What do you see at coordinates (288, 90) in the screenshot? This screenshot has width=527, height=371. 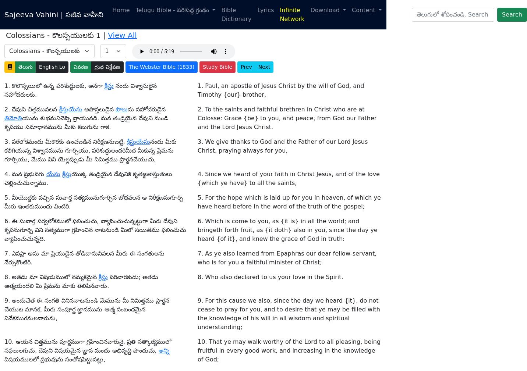 I see `'25.  Of which I am made a minister, according to the dispensation of God which is given to me for you, to fulfill the word of God;'` at bounding box center [288, 90].